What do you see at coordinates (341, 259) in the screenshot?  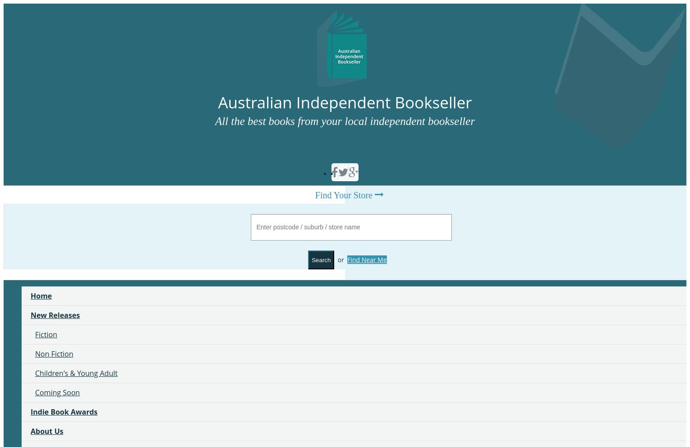 I see `'or'` at bounding box center [341, 259].